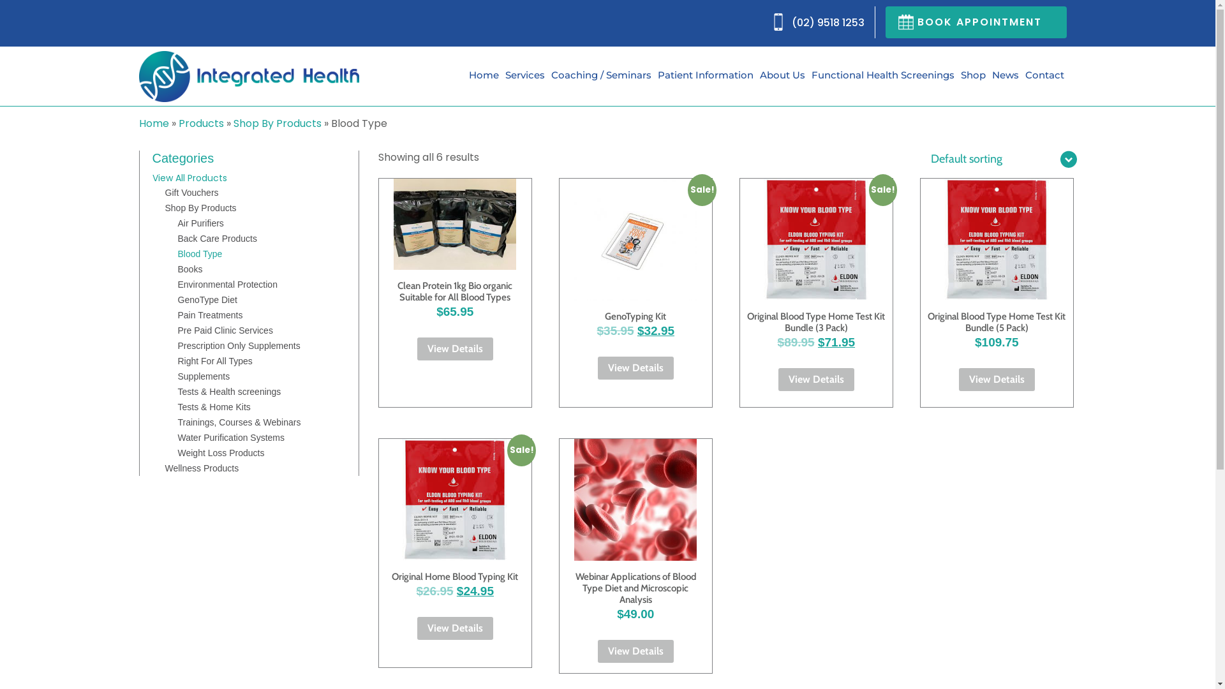 The width and height of the screenshot is (1225, 689). I want to click on 'Weight Loss Products', so click(220, 452).